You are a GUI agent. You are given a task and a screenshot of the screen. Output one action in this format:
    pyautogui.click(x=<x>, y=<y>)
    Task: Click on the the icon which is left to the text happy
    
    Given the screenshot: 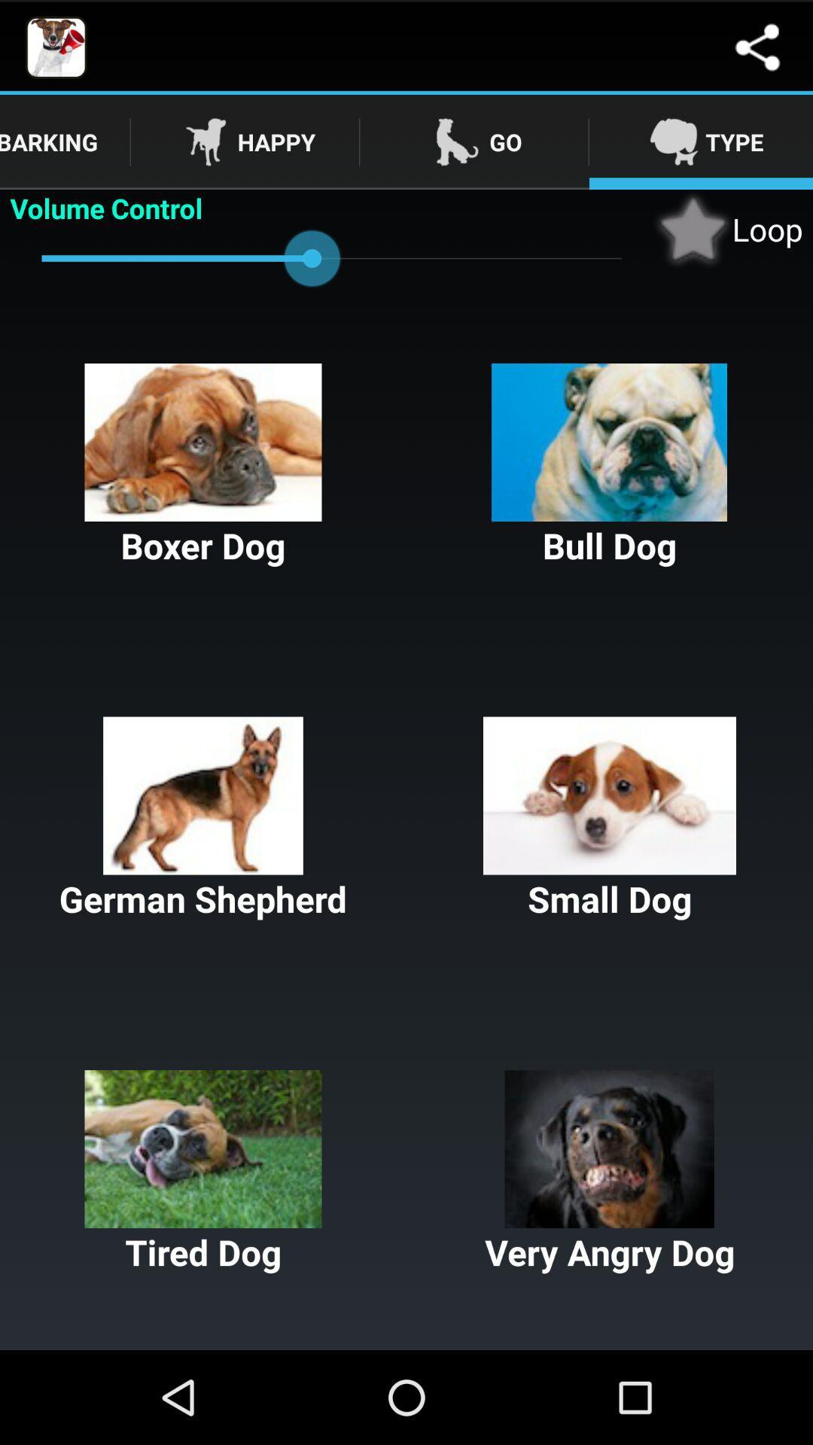 What is the action you would take?
    pyautogui.click(x=206, y=141)
    